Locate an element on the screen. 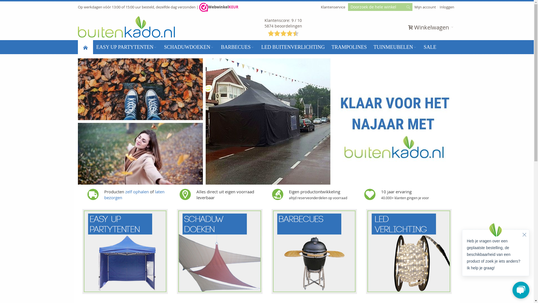 The height and width of the screenshot is (303, 538). 'zelf ophalen' is located at coordinates (137, 191).